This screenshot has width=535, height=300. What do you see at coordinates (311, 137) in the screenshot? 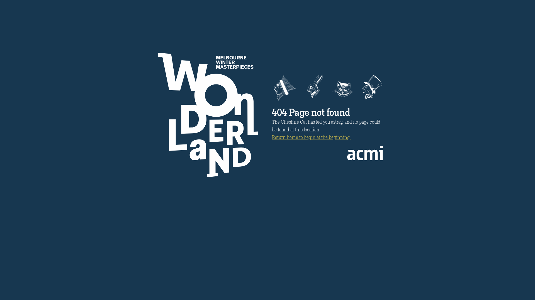
I see `'Return home to begin at the beginning.'` at bounding box center [311, 137].